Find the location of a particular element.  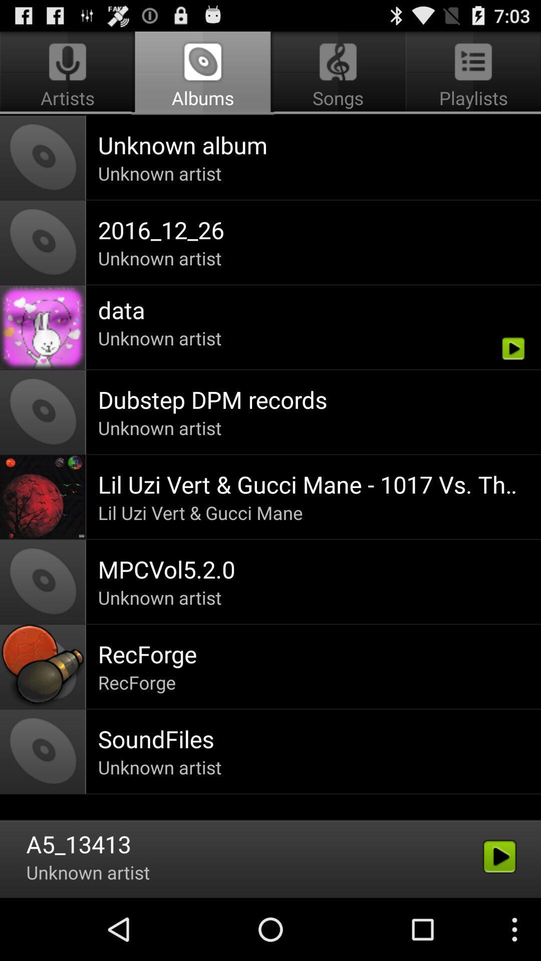

icon next to the songs app is located at coordinates (69, 73).